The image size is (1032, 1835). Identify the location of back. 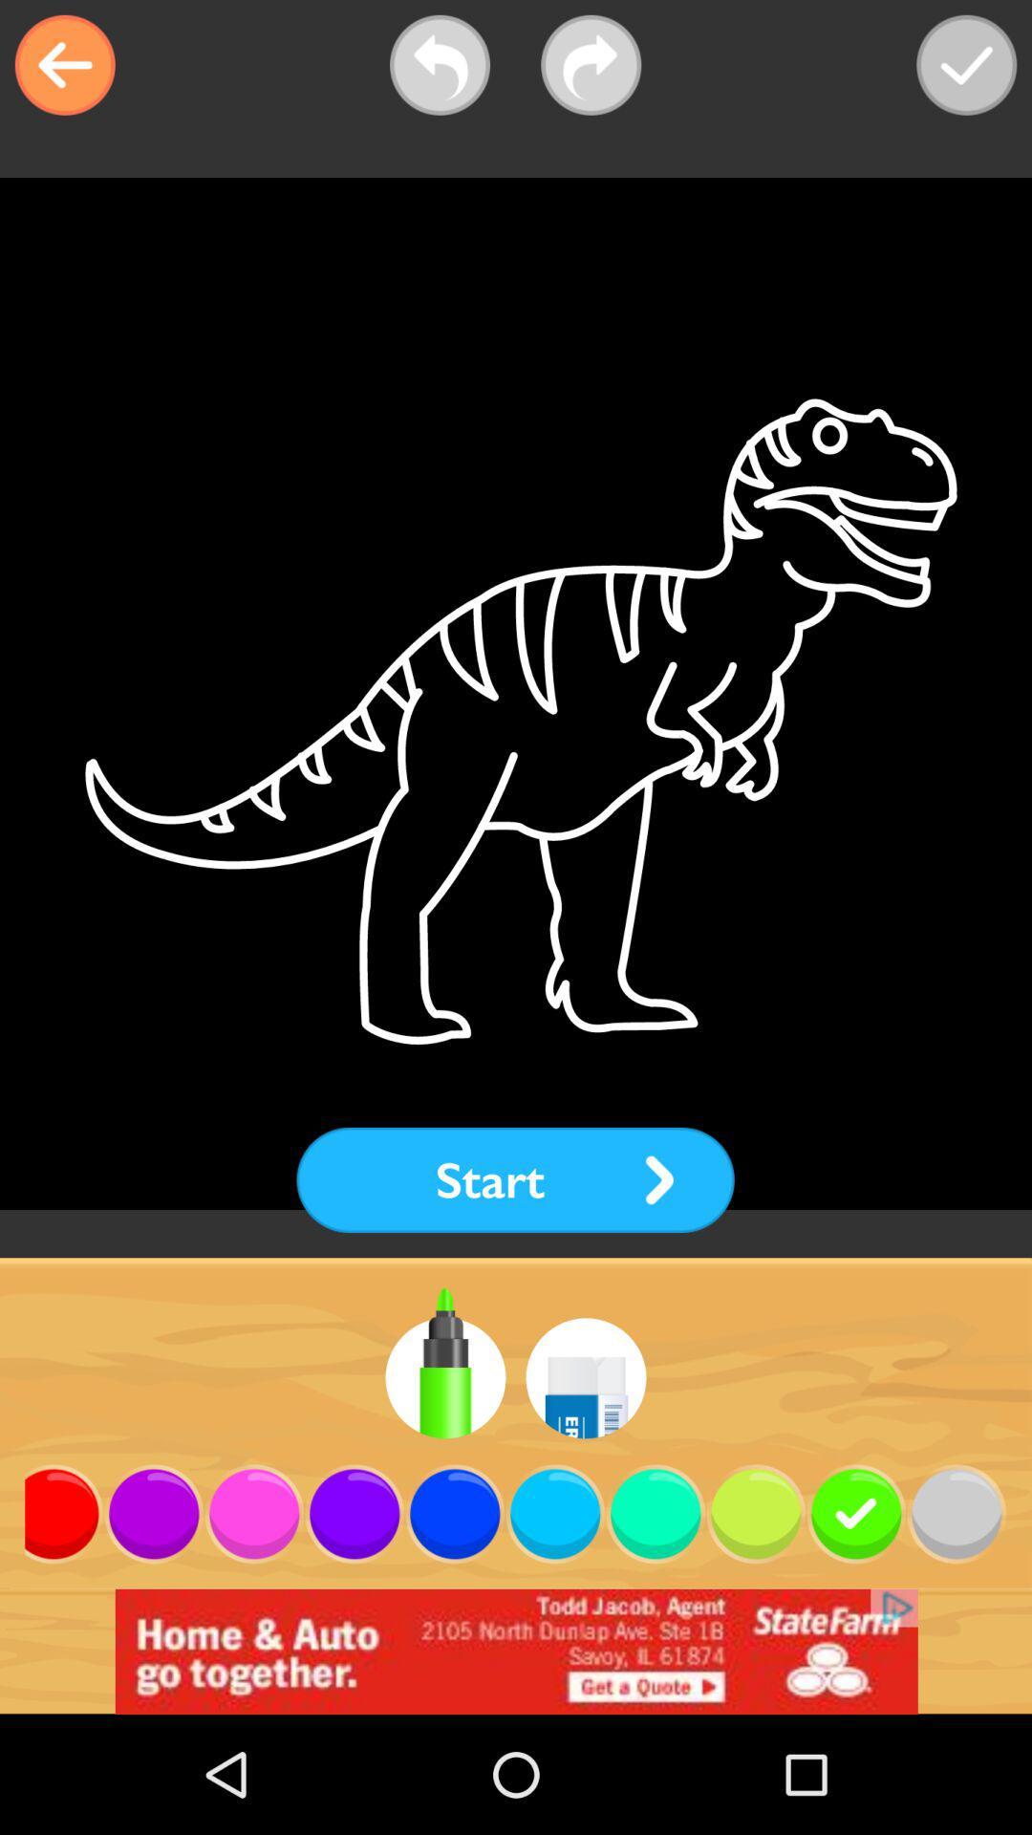
(64, 65).